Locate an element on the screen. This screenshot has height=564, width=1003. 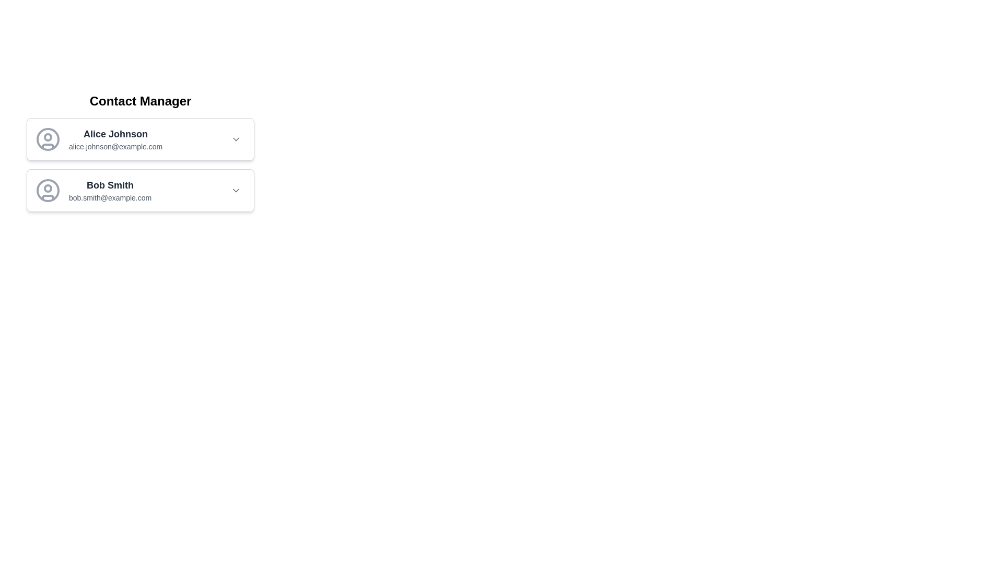
to select the contact 'Bob Smith', which is the second item in the list featuring a profile icon, bold name, and email address is located at coordinates (139, 191).